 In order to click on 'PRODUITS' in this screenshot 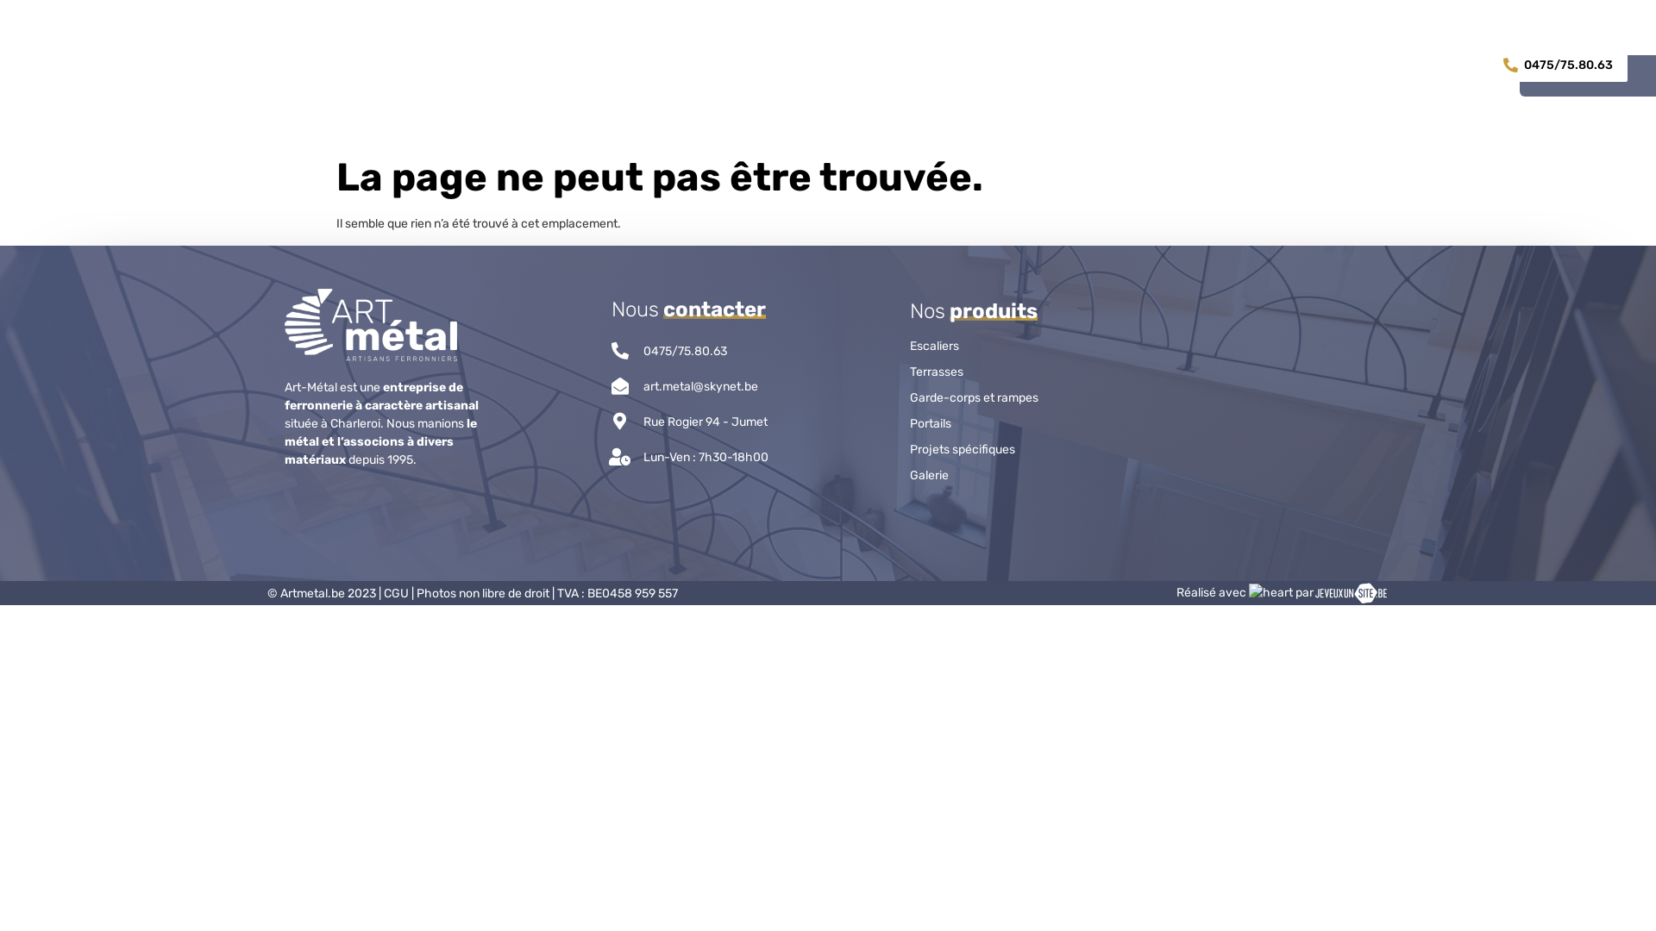, I will do `click(693, 66)`.